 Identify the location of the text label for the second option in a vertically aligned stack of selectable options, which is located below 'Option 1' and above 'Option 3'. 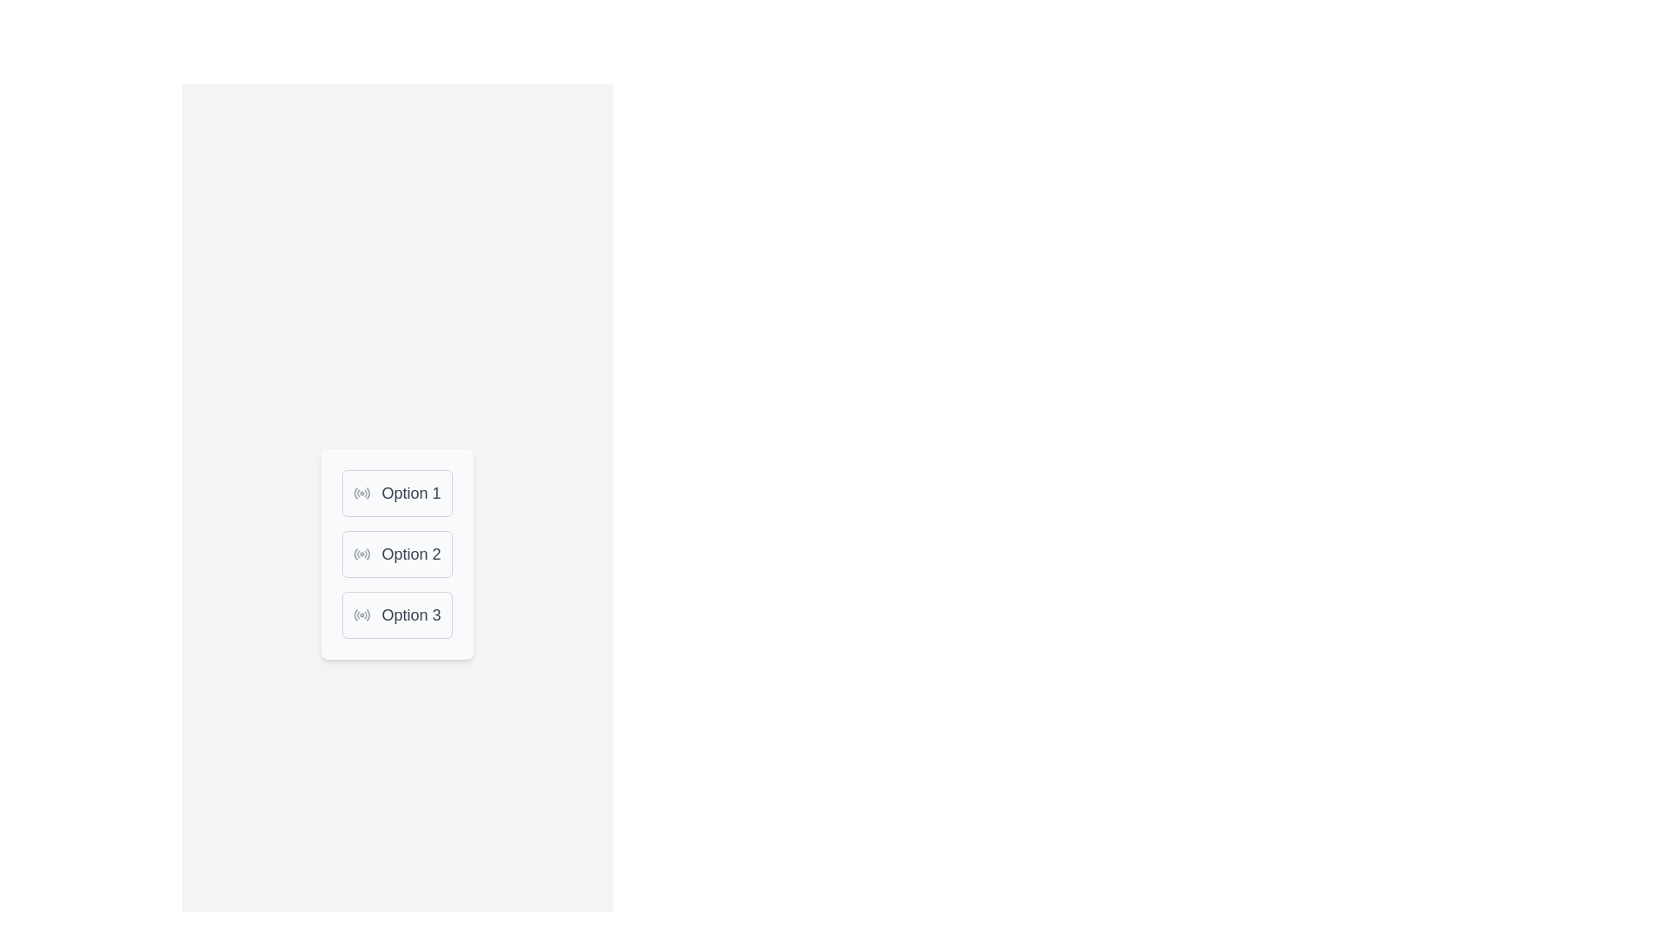
(410, 554).